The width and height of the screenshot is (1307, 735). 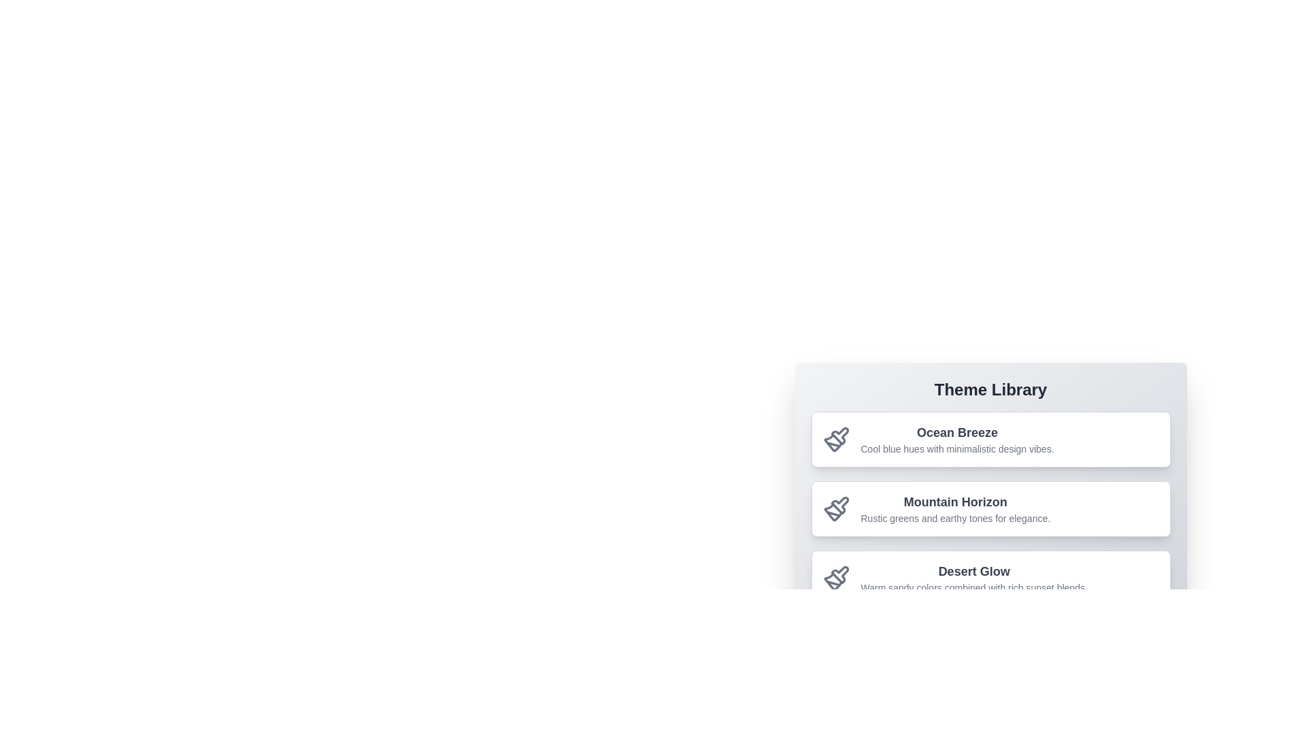 I want to click on the theme Desert Glow by clicking on its corresponding list item, so click(x=990, y=578).